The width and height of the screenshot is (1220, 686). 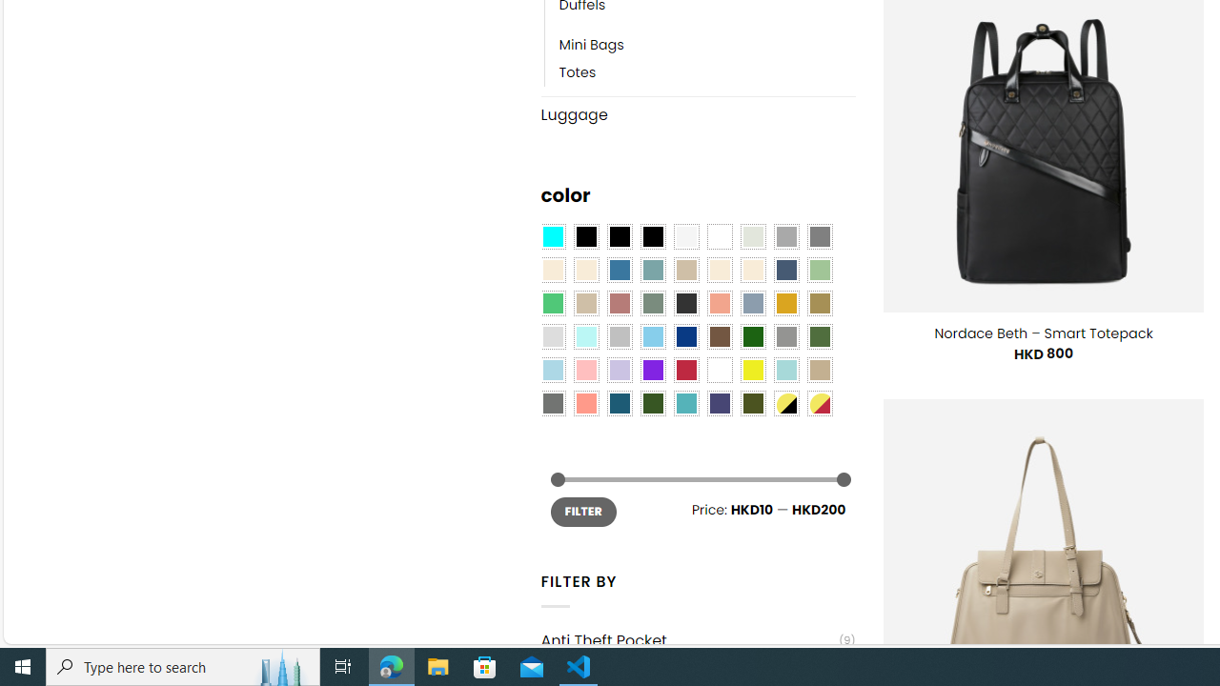 What do you see at coordinates (820, 403) in the screenshot?
I see `'Yellow-Red'` at bounding box center [820, 403].